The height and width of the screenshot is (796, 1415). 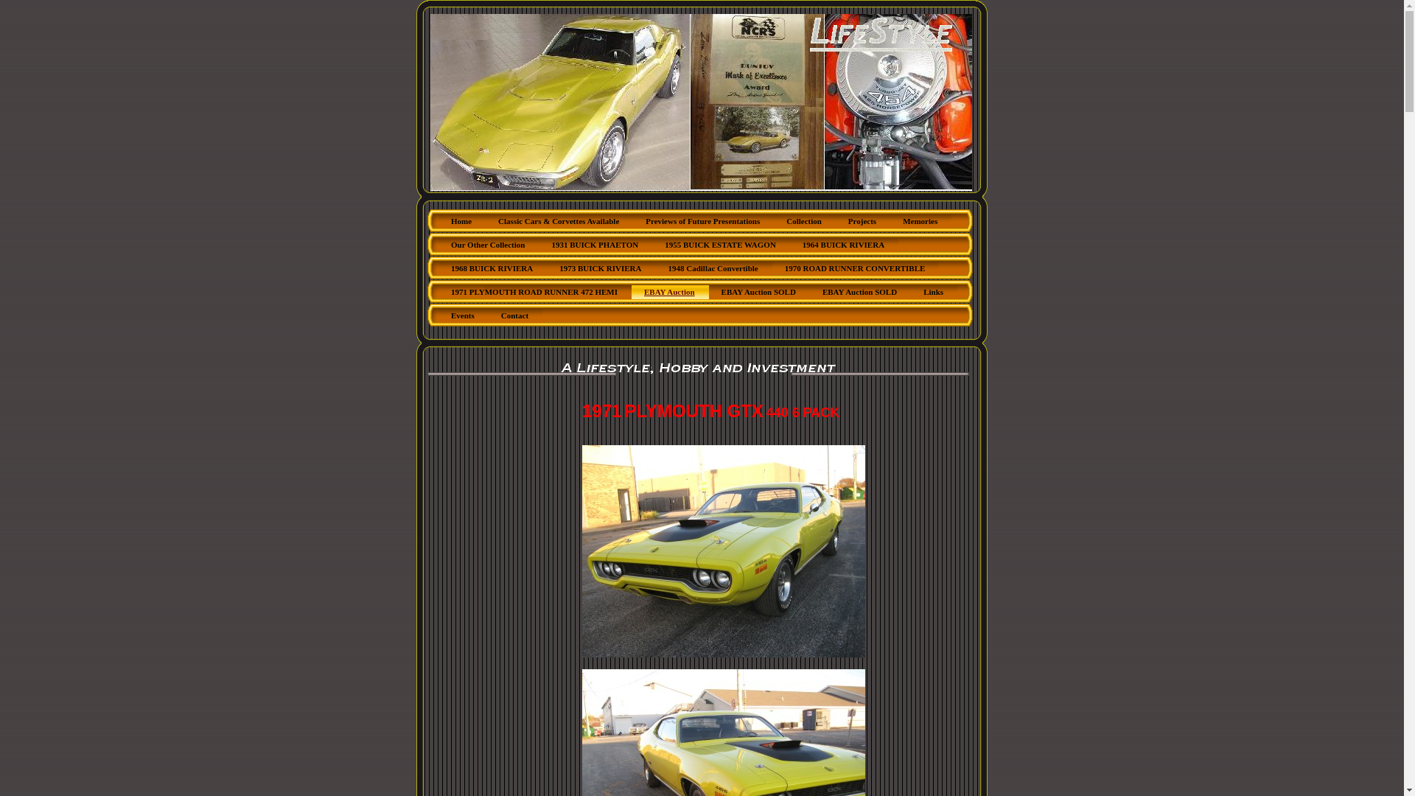 I want to click on 'Collection', so click(x=803, y=222).